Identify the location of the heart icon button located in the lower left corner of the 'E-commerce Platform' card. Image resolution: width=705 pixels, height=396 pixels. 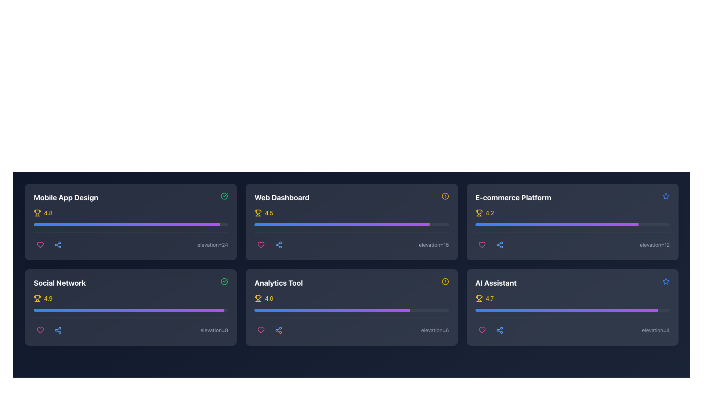
(482, 245).